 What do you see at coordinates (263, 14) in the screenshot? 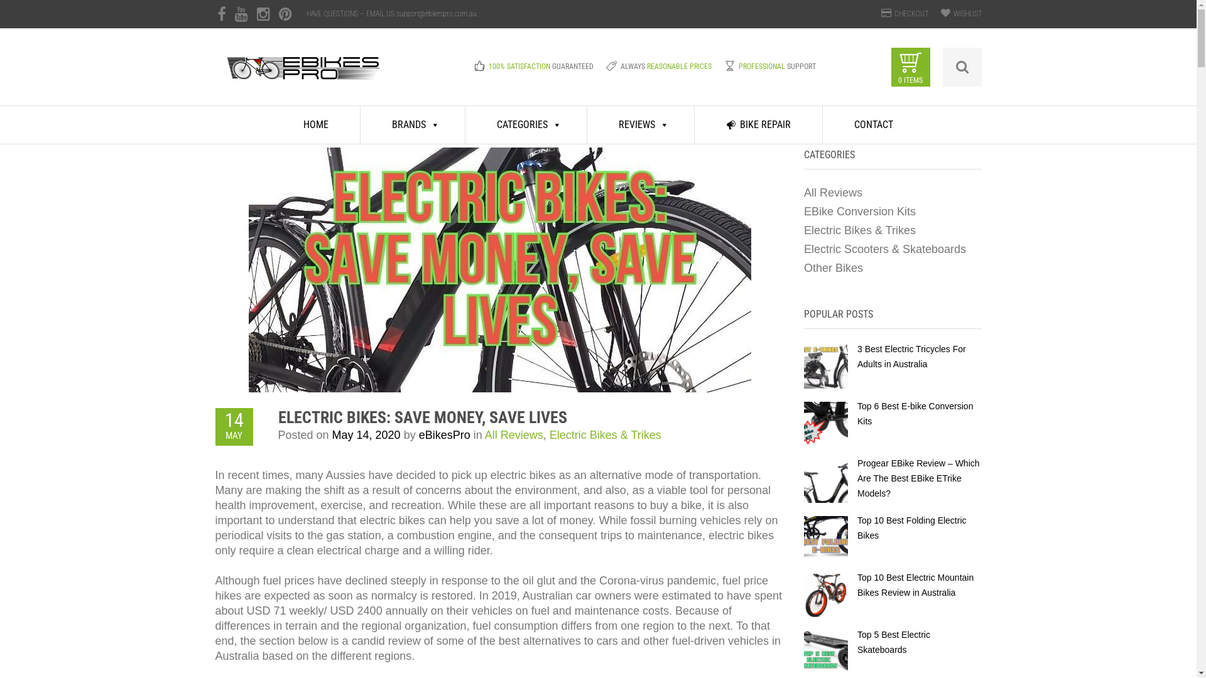
I see `'Connect us'` at bounding box center [263, 14].